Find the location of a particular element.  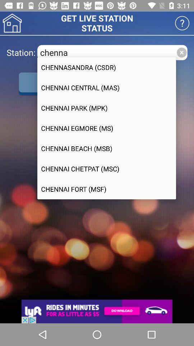

the close icon is located at coordinates (181, 52).